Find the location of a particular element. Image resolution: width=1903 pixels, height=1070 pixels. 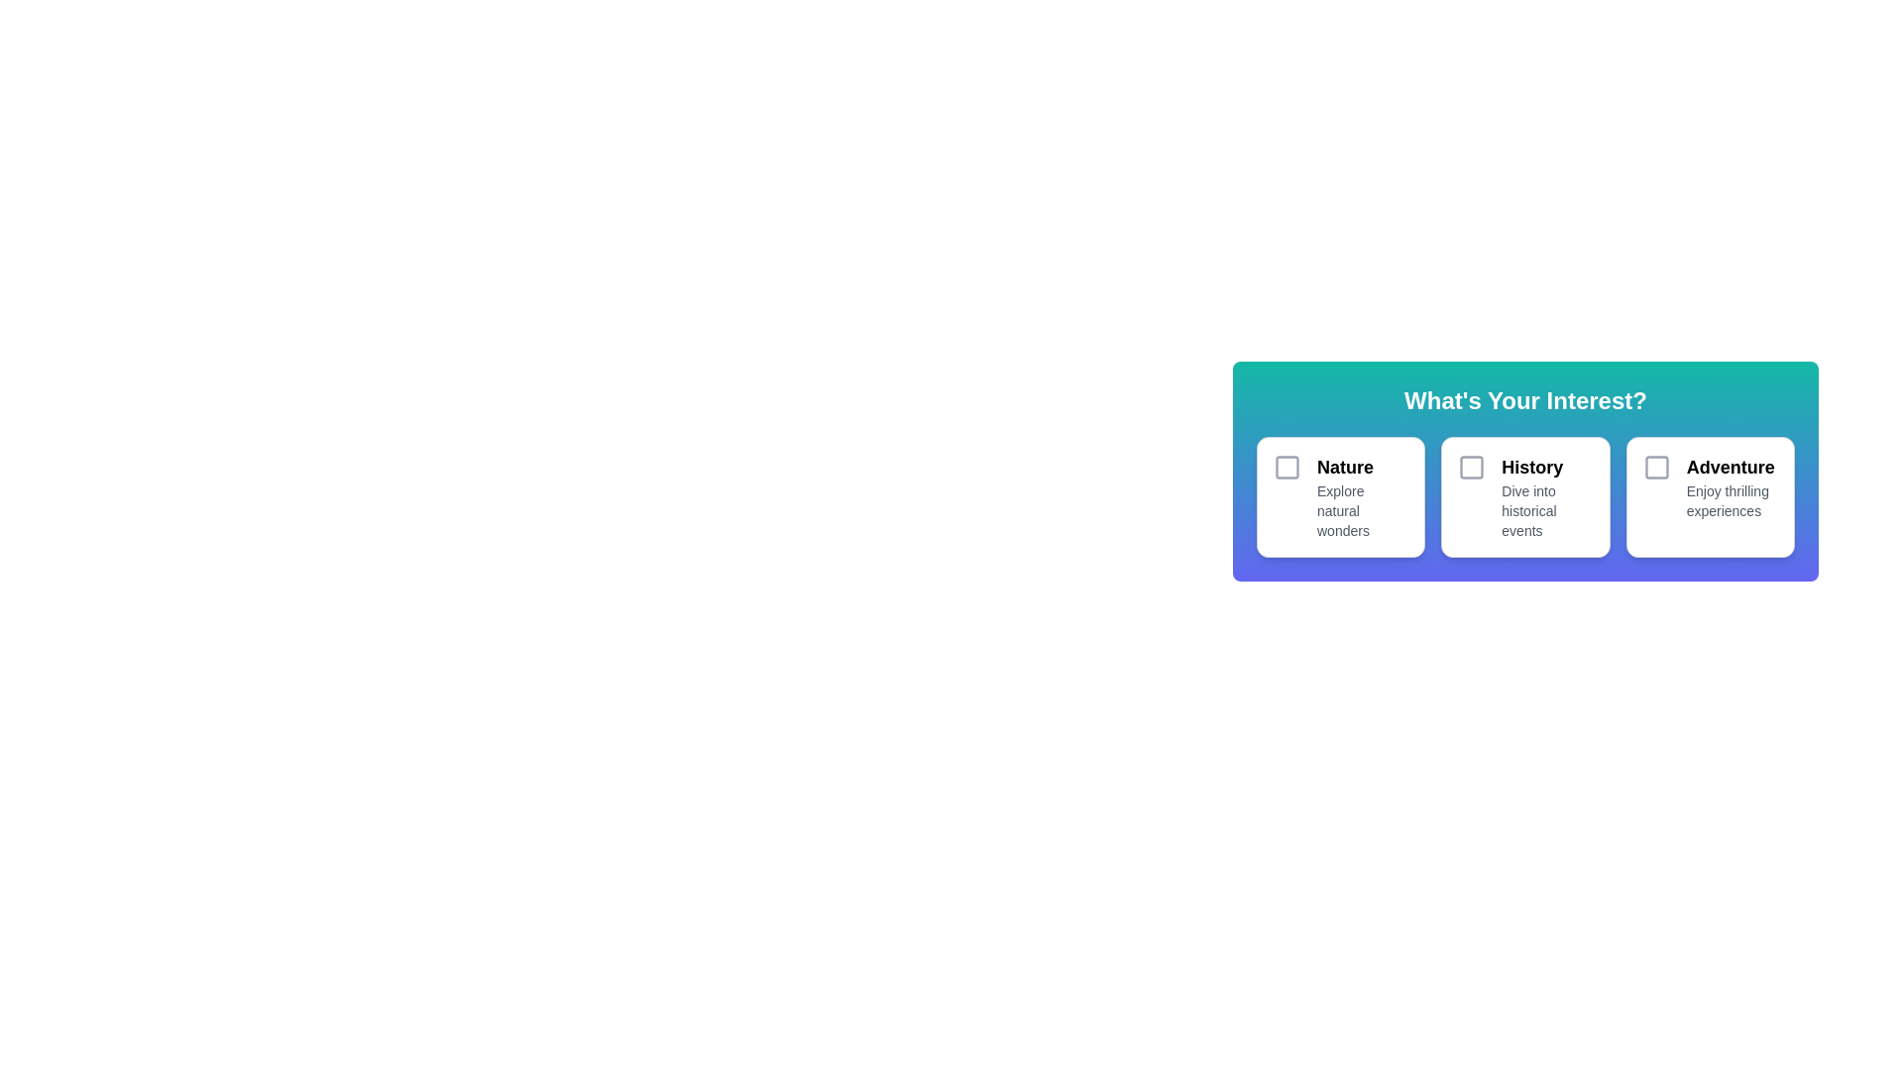

the 'History' checkbox located under the heading 'What's Your Interest?' to possibly see a tooltip is located at coordinates (1472, 467).